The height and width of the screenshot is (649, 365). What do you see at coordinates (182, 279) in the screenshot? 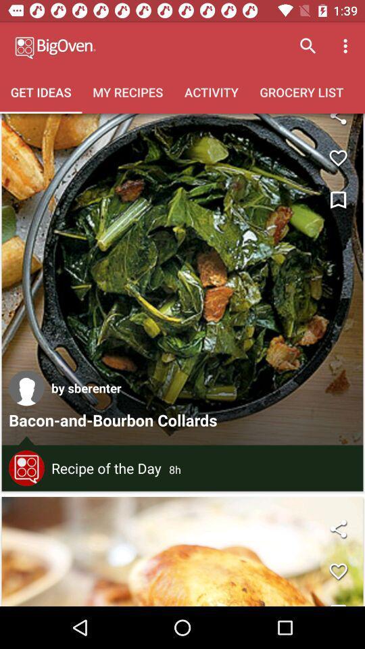
I see `open recipe` at bounding box center [182, 279].